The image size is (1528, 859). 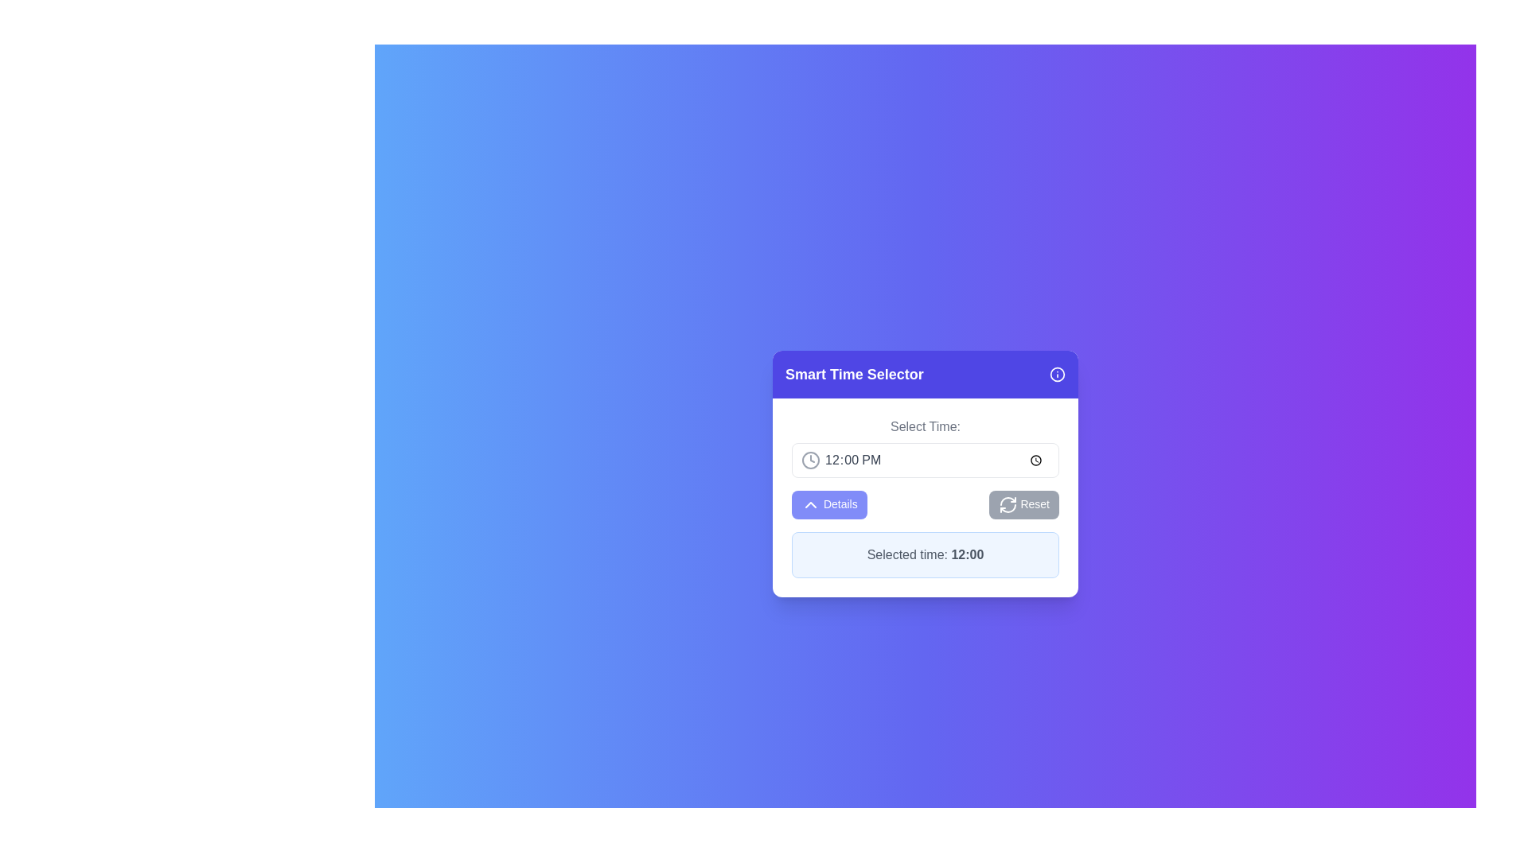 I want to click on the clock icon located to the left of the time text '12:00 PM' within the 'Smart Time Selector' input field, so click(x=810, y=460).